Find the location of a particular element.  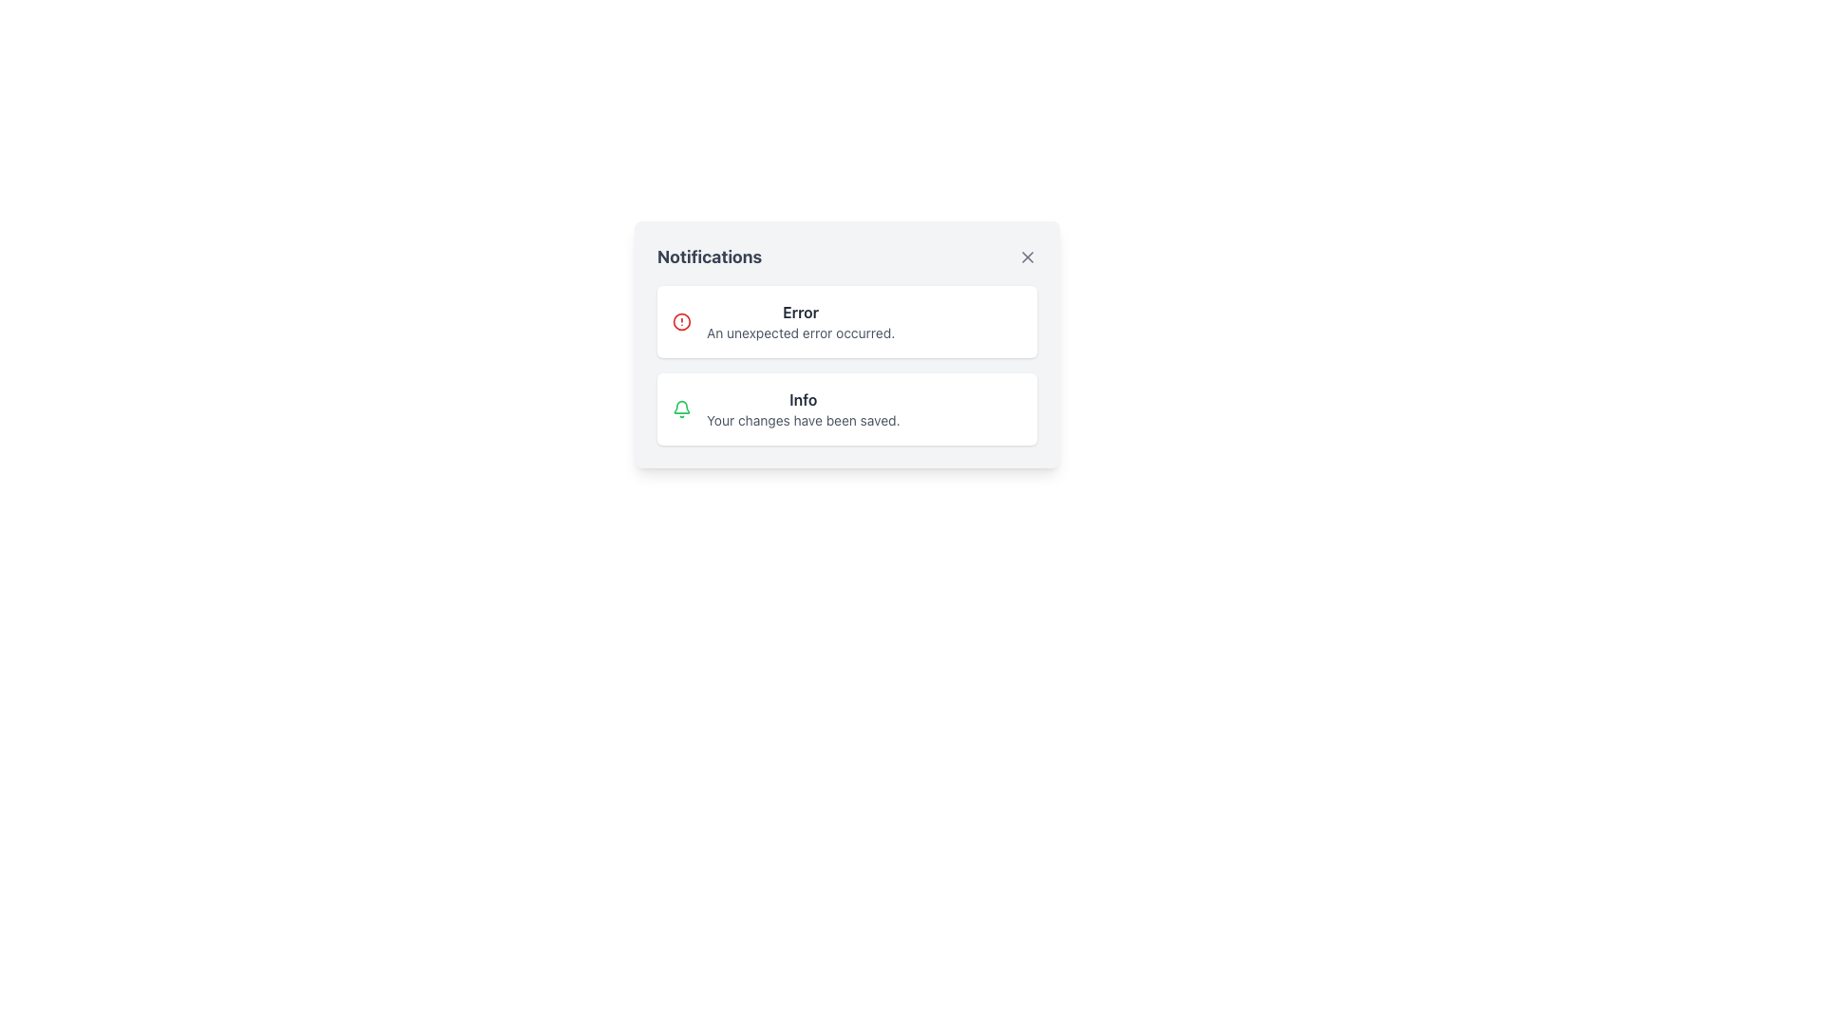

the text label displaying 'An unexpected error occurred.' within the notification card titled 'Error' is located at coordinates (801, 332).